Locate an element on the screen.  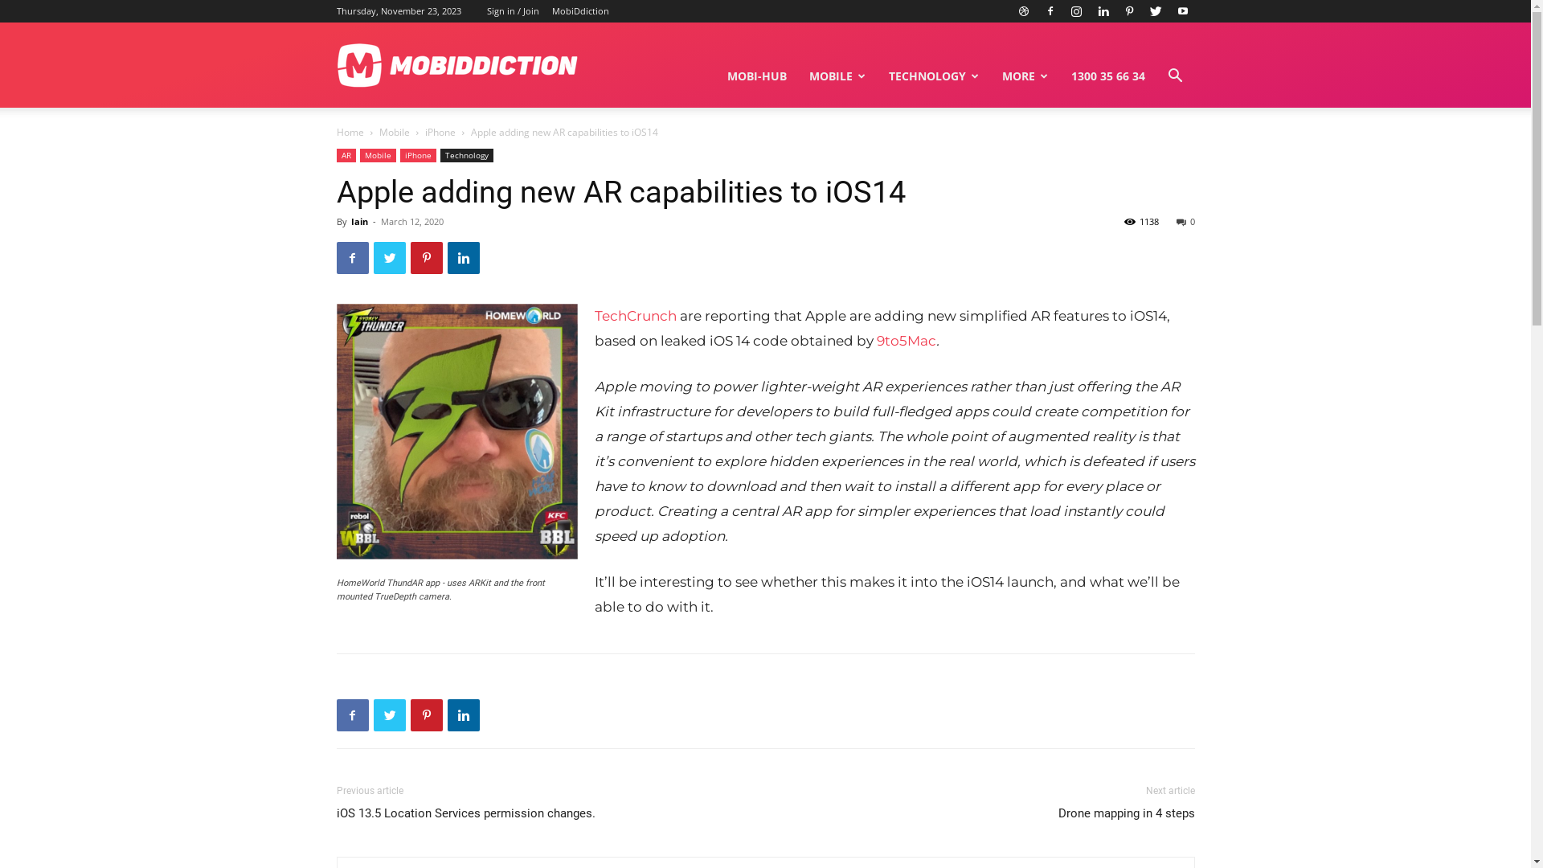
'Technology' is located at coordinates (465, 155).